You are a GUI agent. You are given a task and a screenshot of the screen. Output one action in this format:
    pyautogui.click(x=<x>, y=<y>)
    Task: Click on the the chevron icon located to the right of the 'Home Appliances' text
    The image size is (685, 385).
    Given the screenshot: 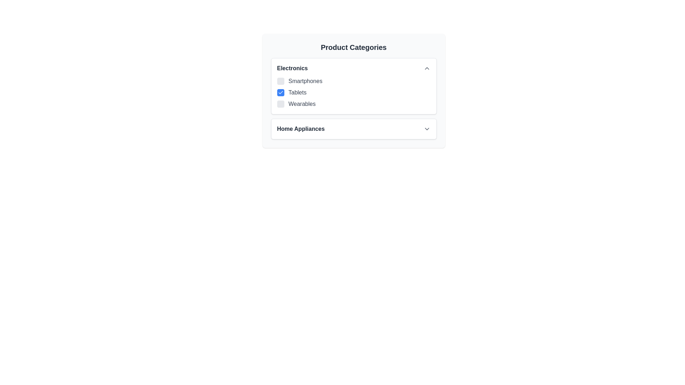 What is the action you would take?
    pyautogui.click(x=427, y=129)
    